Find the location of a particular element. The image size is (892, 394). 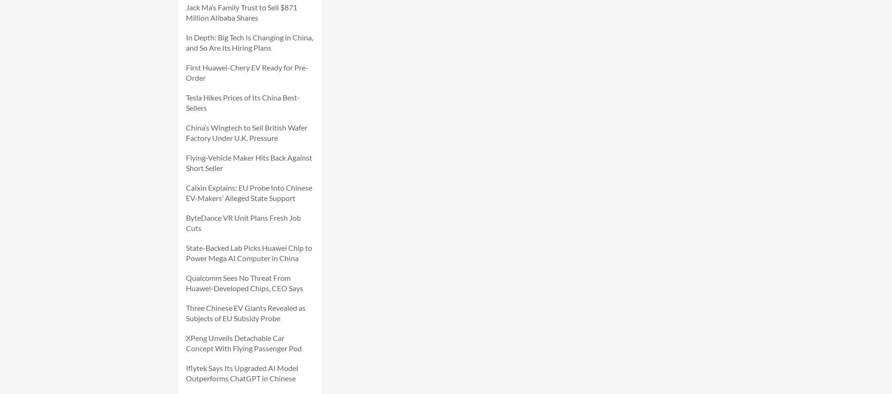

'Tesla Hikes Prices of Its China Best-Sellers' is located at coordinates (243, 102).